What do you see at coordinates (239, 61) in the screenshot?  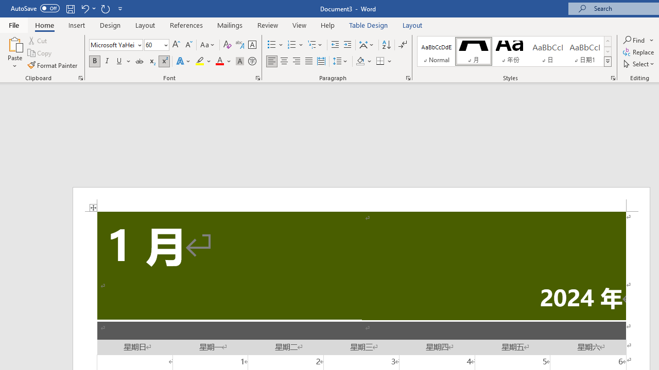 I see `'Character Shading'` at bounding box center [239, 61].